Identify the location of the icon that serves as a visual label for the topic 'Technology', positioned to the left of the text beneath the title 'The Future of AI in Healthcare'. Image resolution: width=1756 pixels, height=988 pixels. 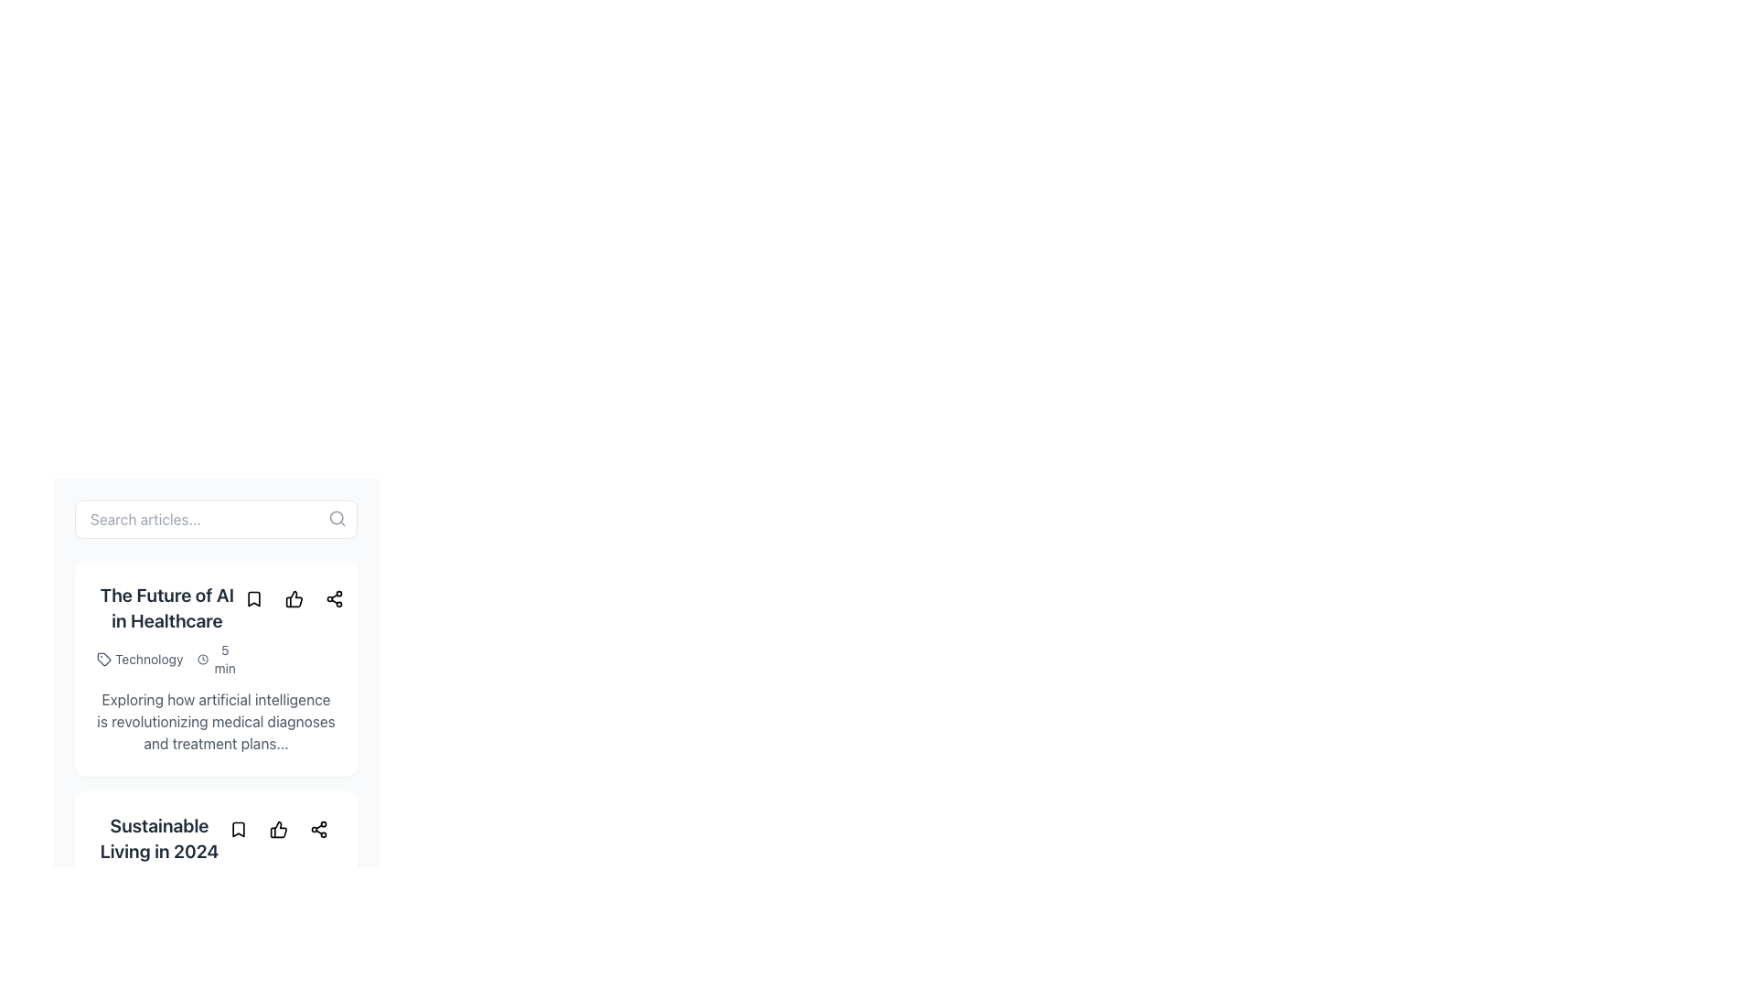
(103, 660).